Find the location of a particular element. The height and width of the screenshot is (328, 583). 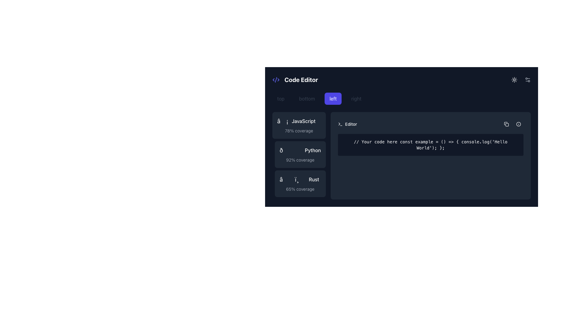

the Text label with the lightning icon and the text 'JavaScript' in the first position of the list in the sidebar is located at coordinates (299, 121).